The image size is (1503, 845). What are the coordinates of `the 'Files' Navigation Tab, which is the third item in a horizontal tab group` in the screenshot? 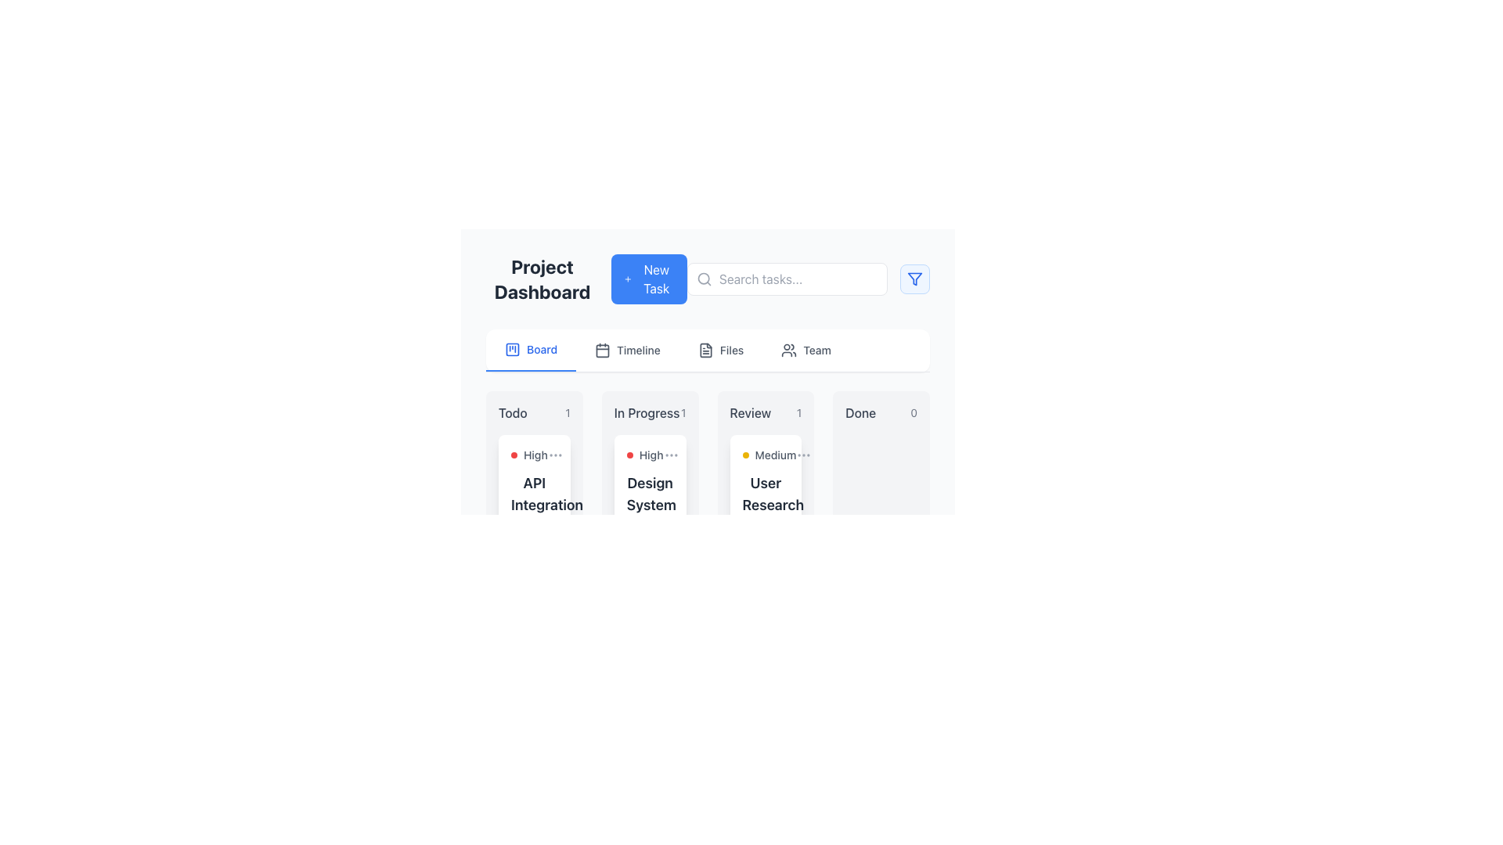 It's located at (720, 349).